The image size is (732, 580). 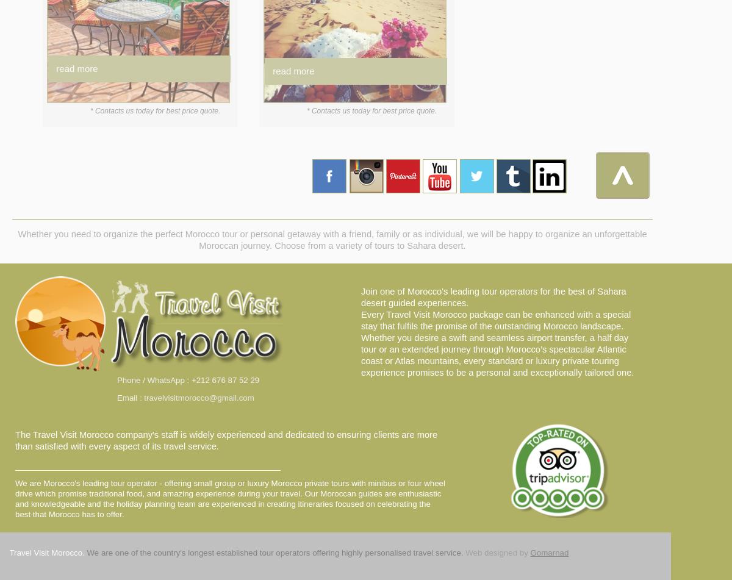 What do you see at coordinates (495, 552) in the screenshot?
I see `'Web designed by'` at bounding box center [495, 552].